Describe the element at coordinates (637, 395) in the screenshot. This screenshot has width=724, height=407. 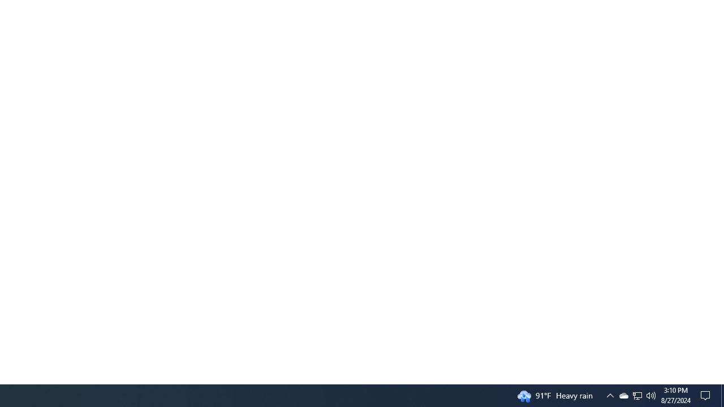
I see `'Notification Chevron'` at that location.